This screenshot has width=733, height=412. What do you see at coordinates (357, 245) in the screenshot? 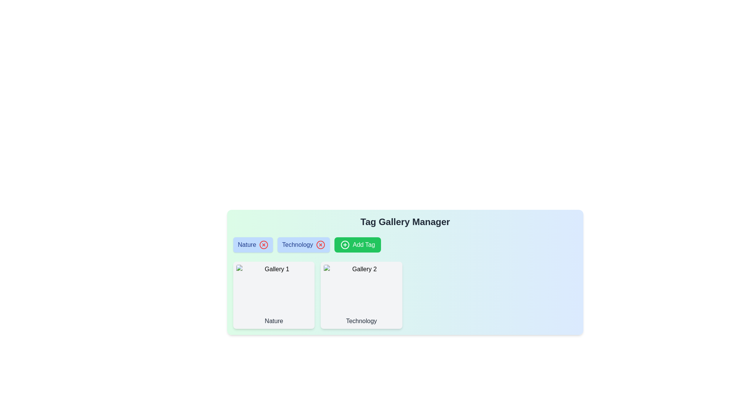
I see `the 'Add Tag' button with a green background and white text, which is located immediately to the right of the 'Technology' tag in the tag list` at bounding box center [357, 245].